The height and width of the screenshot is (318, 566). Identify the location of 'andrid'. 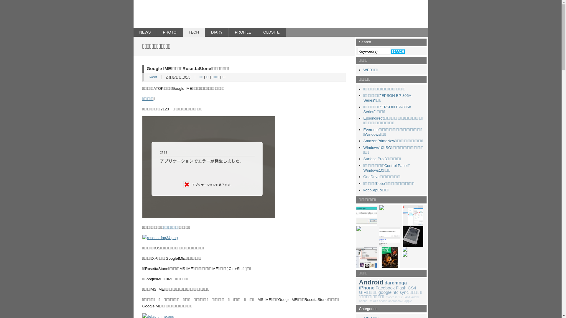
(383, 301).